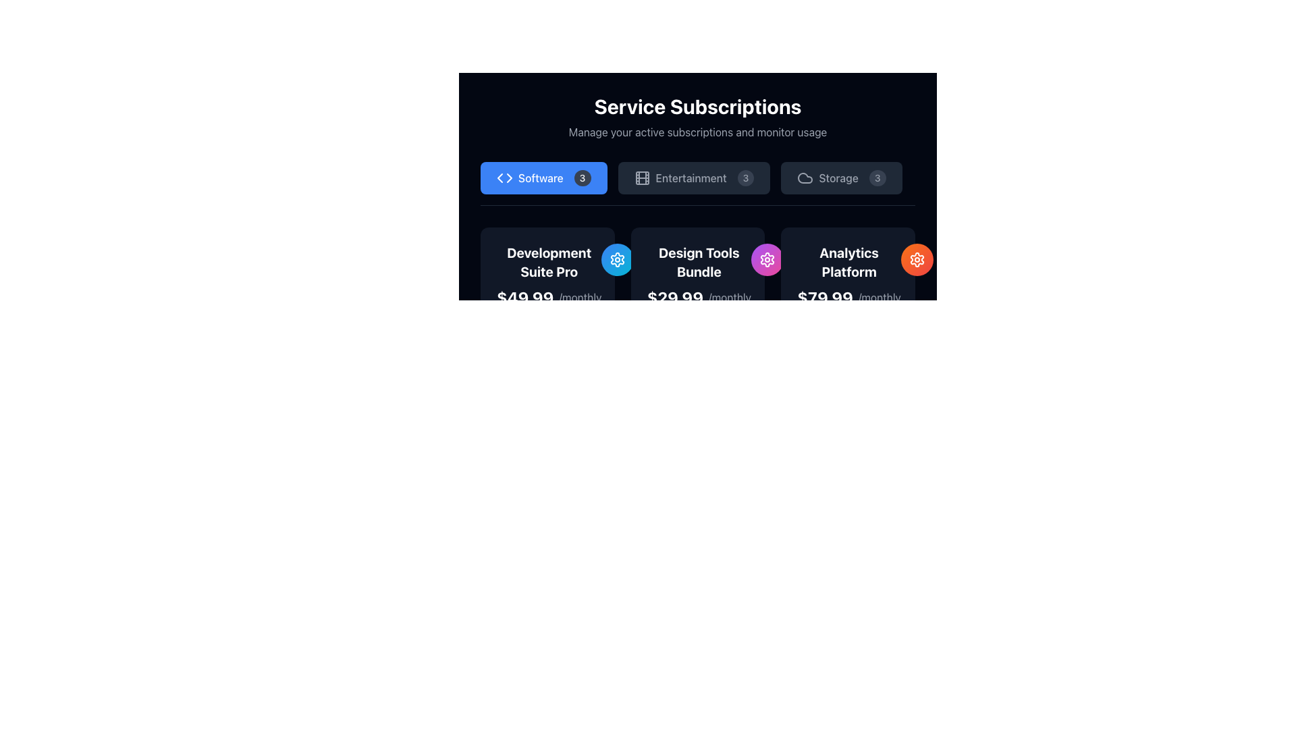 The image size is (1296, 729). Describe the element at coordinates (699, 296) in the screenshot. I see `the text label that displays the pricing of the subscription option, which is located at the bottom section of the 'Design Tools Bundle' card` at that location.